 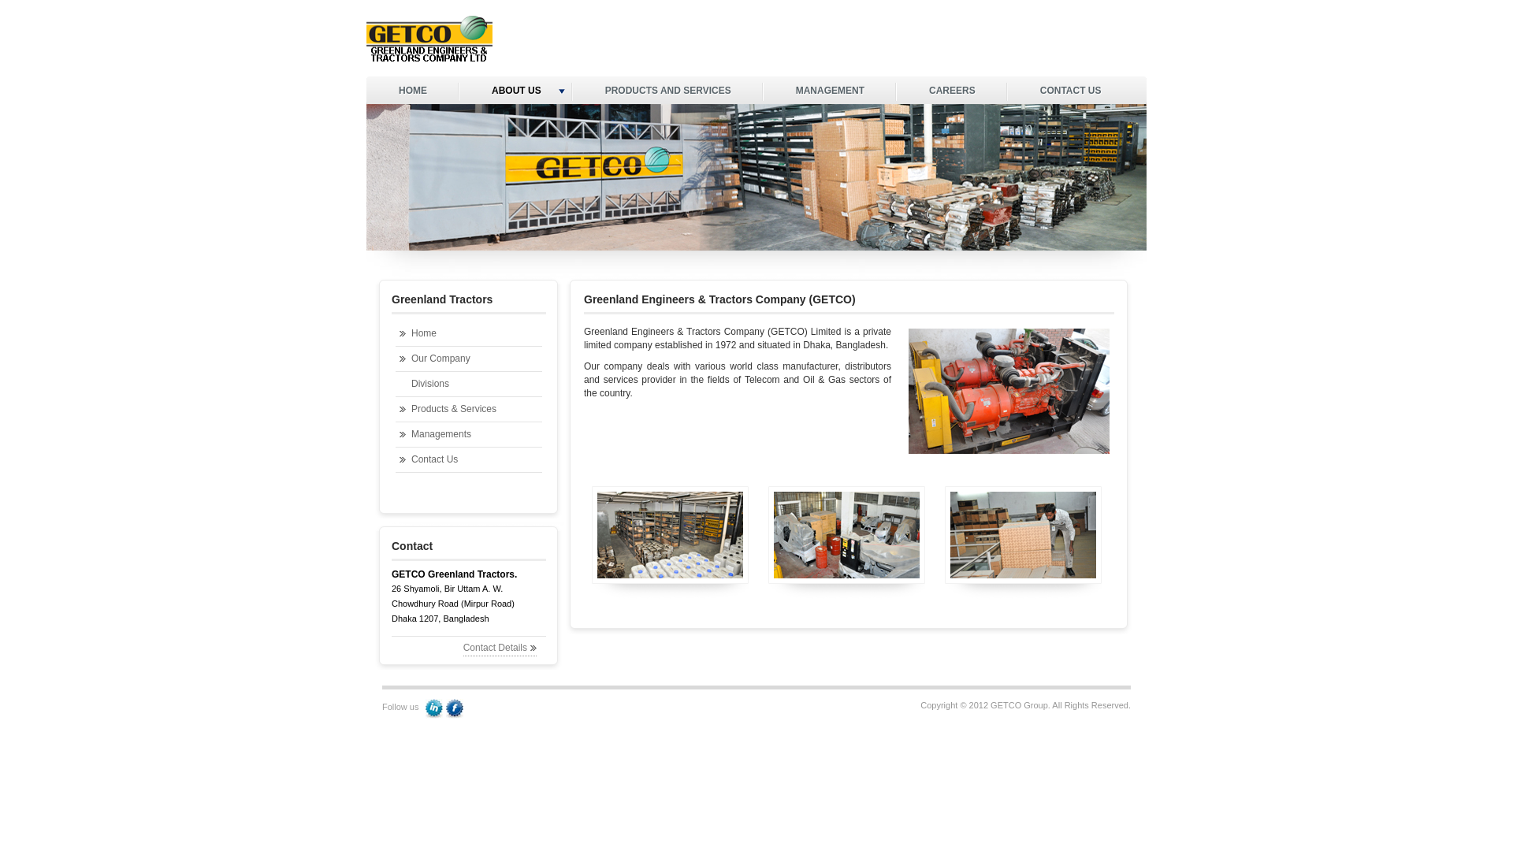 I want to click on 'CAREERS', so click(x=896, y=91).